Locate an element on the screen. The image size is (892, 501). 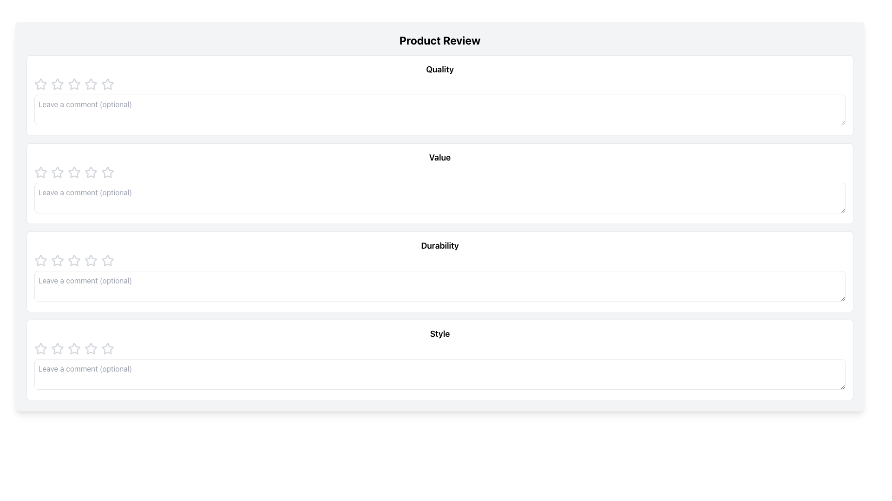
the second rating star in the 'Value' section beneath the 'Product Review' header is located at coordinates (107, 172).